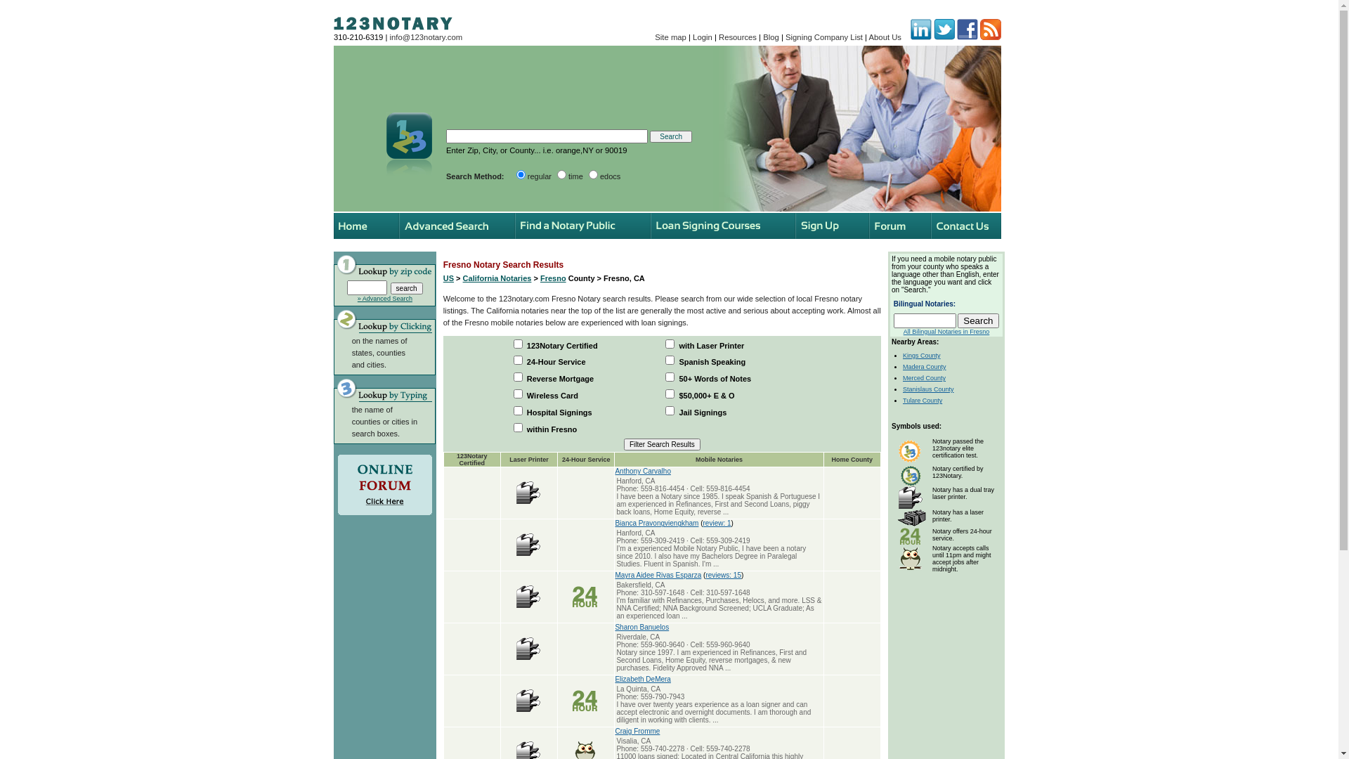 The width and height of the screenshot is (1349, 759). Describe the element at coordinates (561, 174) in the screenshot. I see `'time'` at that location.